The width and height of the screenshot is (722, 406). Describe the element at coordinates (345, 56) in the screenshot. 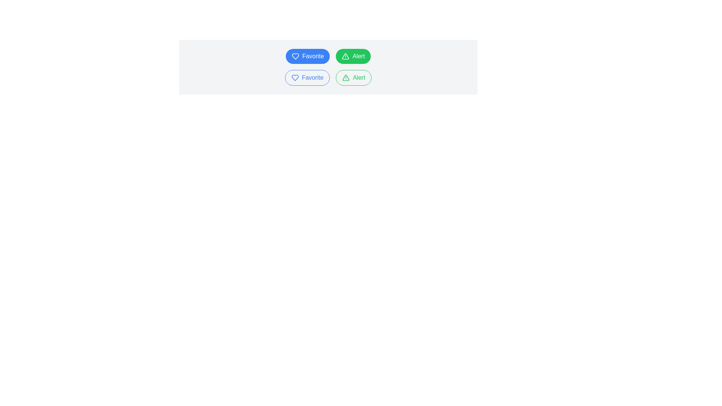

I see `the 'Alert' button which contains the alert icon, located in the top-right corner of the interface` at that location.